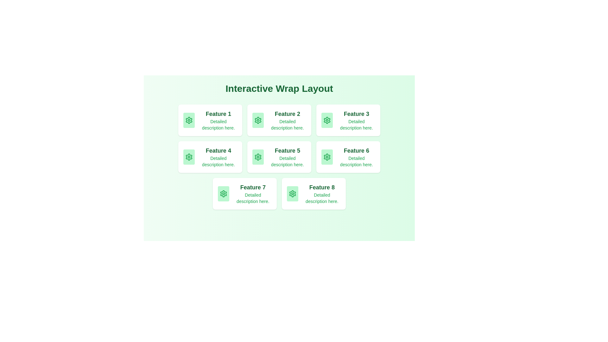 Image resolution: width=608 pixels, height=342 pixels. Describe the element at coordinates (244, 193) in the screenshot. I see `the Information card that features a gear icon on the left with a light green background and includes 'Feature 7' in bold green text and a subtitle 'Detailed description here.' to trigger animations` at that location.